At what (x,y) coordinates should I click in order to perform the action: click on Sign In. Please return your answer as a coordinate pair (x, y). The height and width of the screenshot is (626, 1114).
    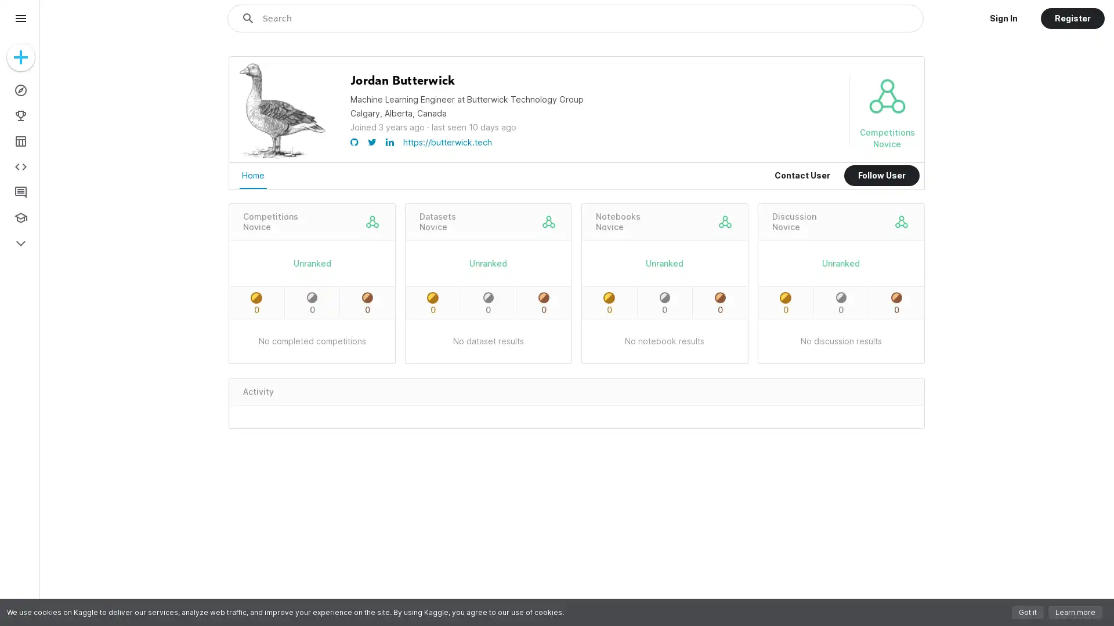
    Looking at the image, I should click on (1003, 18).